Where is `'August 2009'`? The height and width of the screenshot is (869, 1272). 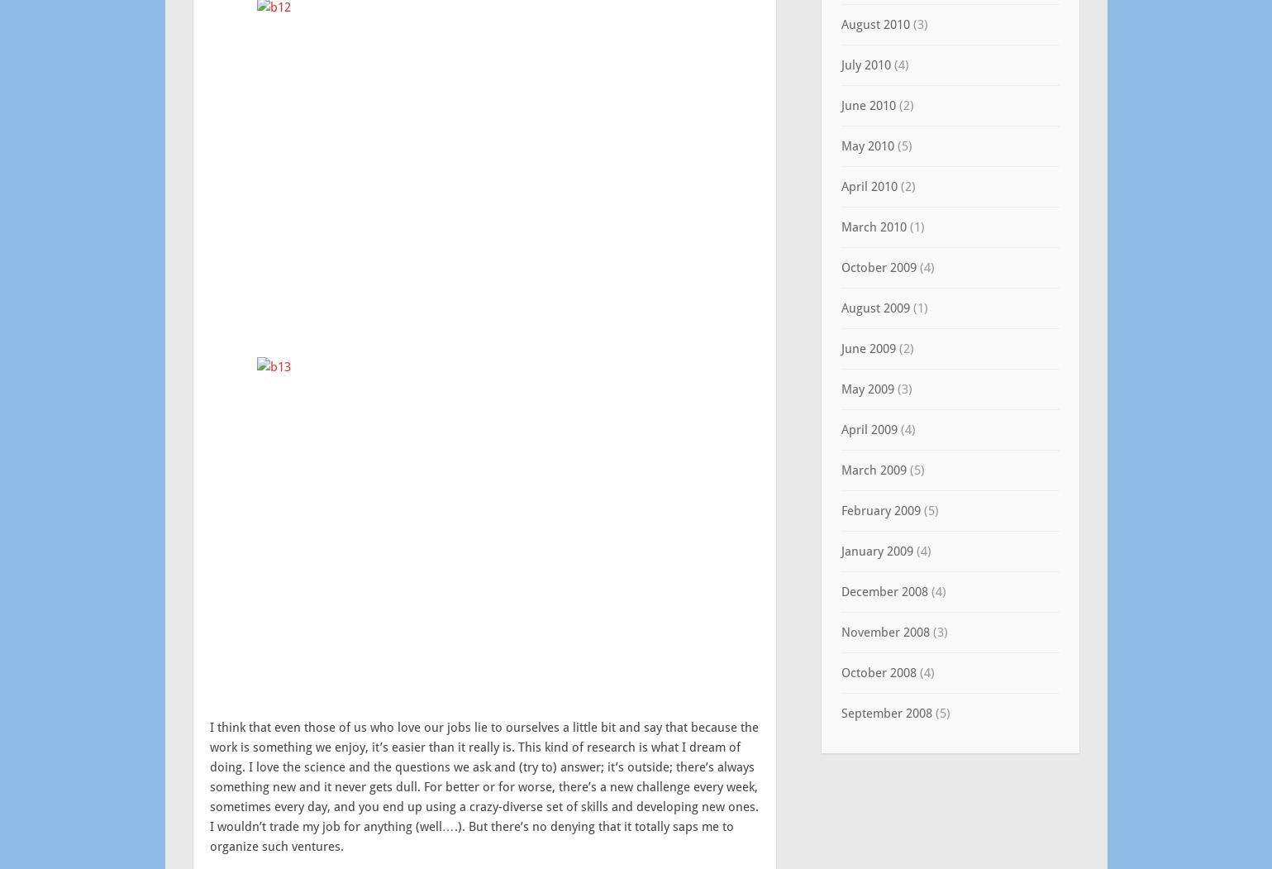
'August 2009' is located at coordinates (874, 307).